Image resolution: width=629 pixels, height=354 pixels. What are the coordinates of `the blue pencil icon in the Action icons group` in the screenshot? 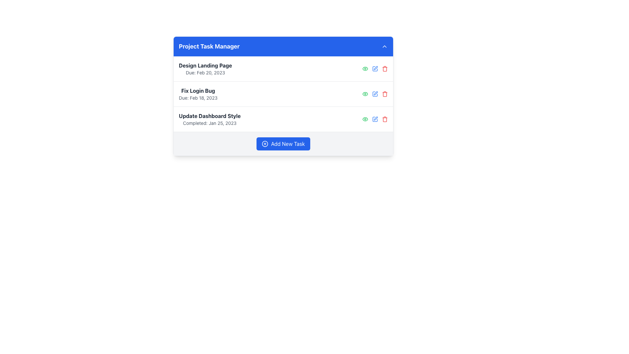 It's located at (375, 119).